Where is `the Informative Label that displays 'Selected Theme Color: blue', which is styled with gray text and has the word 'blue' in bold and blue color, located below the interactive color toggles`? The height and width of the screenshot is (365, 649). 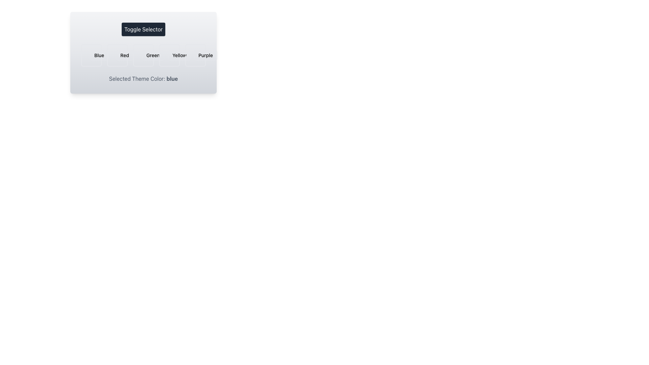 the Informative Label that displays 'Selected Theme Color: blue', which is styled with gray text and has the word 'blue' in bold and blue color, located below the interactive color toggles is located at coordinates (143, 78).